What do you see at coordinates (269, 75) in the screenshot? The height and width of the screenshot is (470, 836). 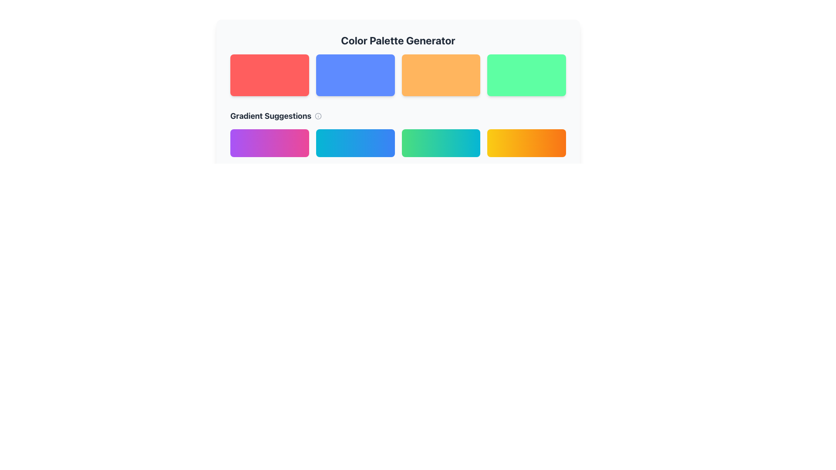 I see `the first selectable color swatch or button in the grid layout` at bounding box center [269, 75].